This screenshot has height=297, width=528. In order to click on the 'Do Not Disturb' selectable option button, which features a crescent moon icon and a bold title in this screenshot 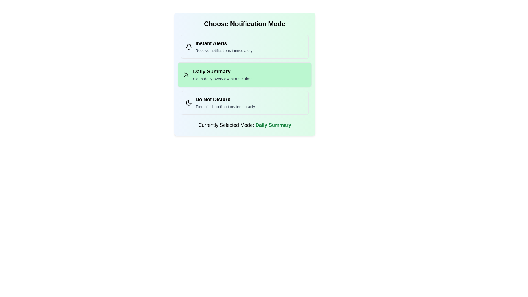, I will do `click(244, 103)`.